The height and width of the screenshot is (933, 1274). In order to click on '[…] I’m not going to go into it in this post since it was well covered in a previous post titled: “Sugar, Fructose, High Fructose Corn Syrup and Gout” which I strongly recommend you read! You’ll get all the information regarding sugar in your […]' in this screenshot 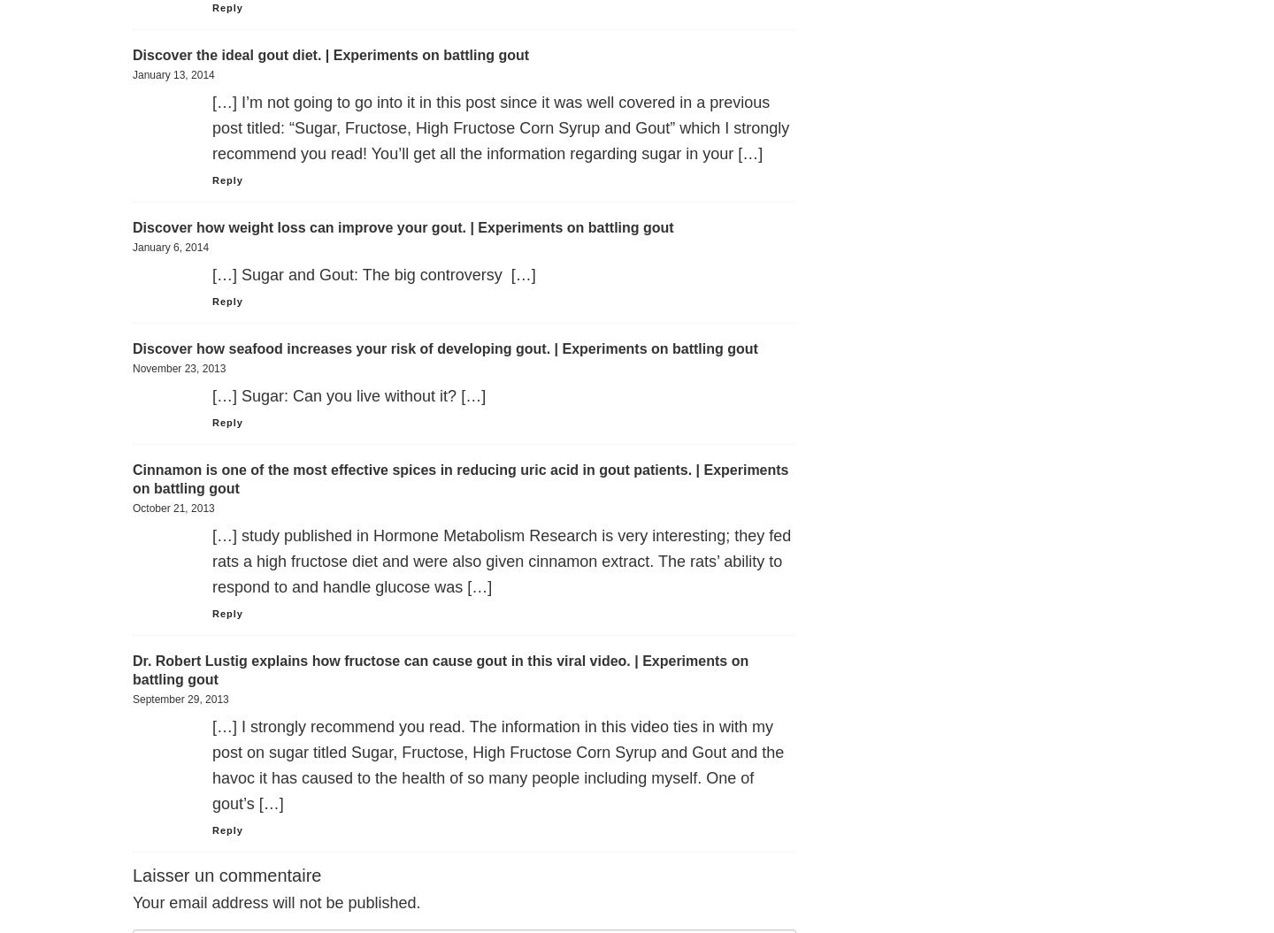, I will do `click(501, 127)`.